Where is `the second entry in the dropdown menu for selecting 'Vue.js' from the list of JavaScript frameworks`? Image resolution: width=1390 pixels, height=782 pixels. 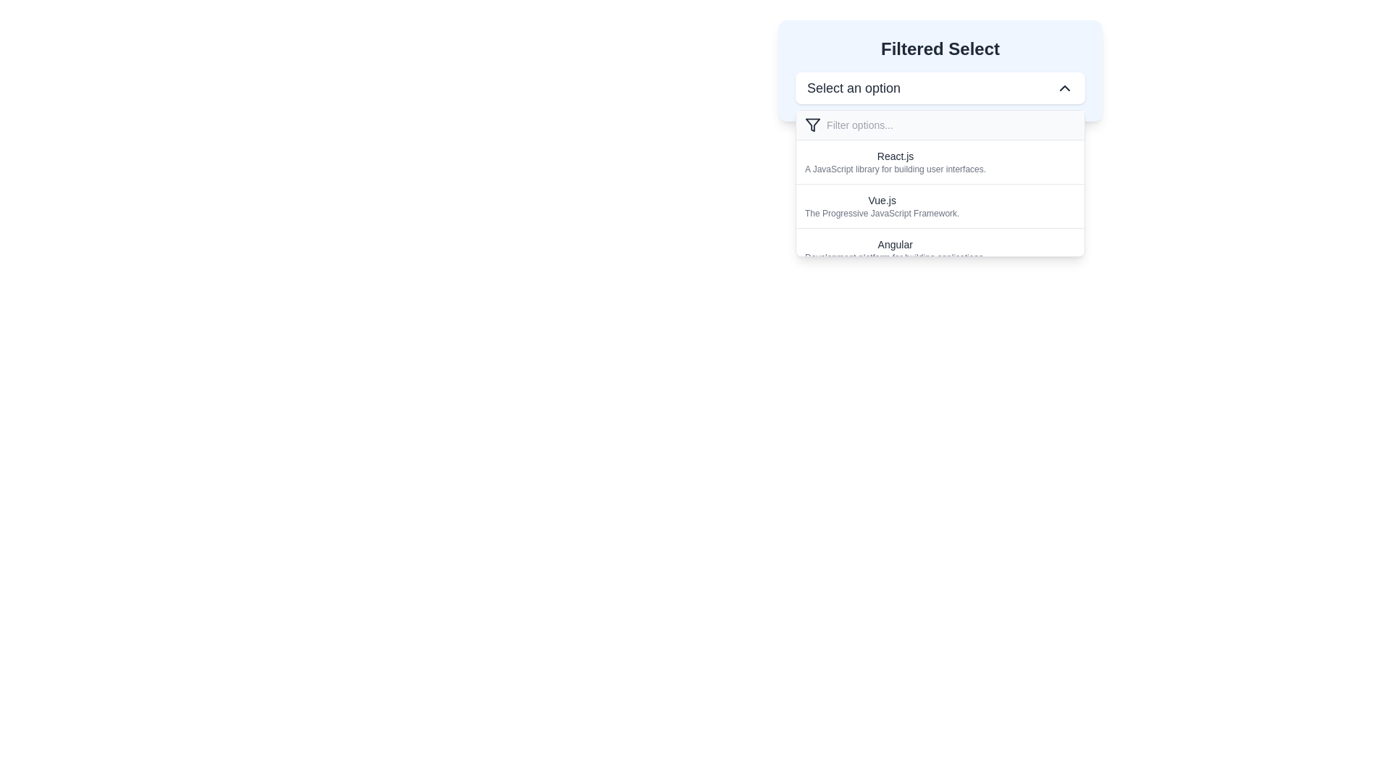 the second entry in the dropdown menu for selecting 'Vue.js' from the list of JavaScript frameworks is located at coordinates (940, 206).